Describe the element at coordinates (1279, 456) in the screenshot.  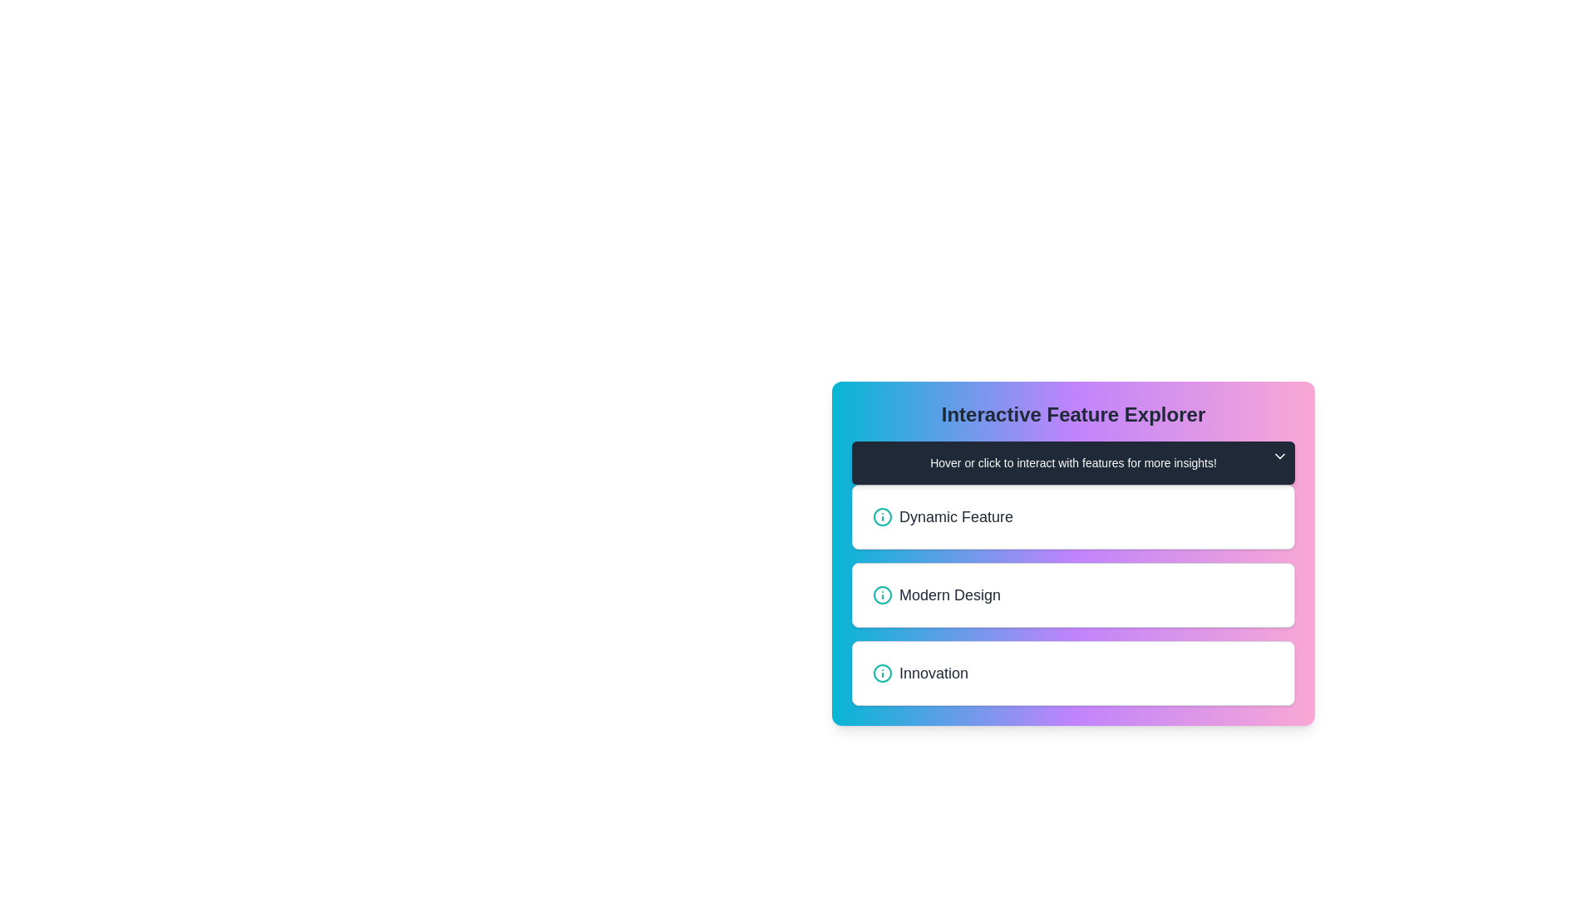
I see `the downward chevron dropdown indicator icon located in the top-right corner of the dark text box containing the message 'Hover or click to interact with features for more insights!'` at that location.